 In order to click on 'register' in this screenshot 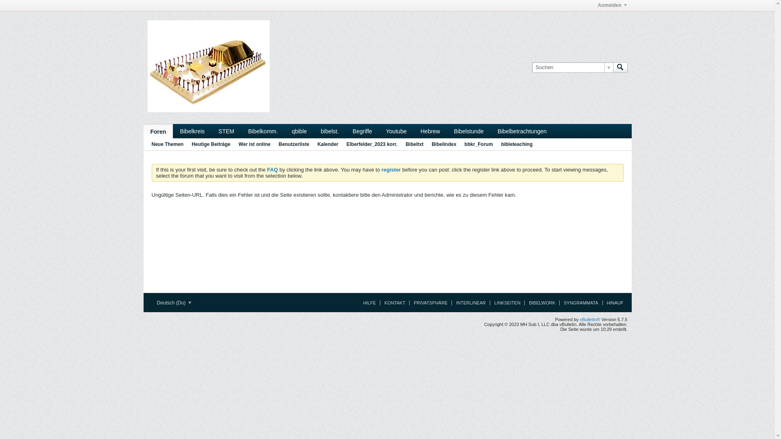, I will do `click(391, 169)`.